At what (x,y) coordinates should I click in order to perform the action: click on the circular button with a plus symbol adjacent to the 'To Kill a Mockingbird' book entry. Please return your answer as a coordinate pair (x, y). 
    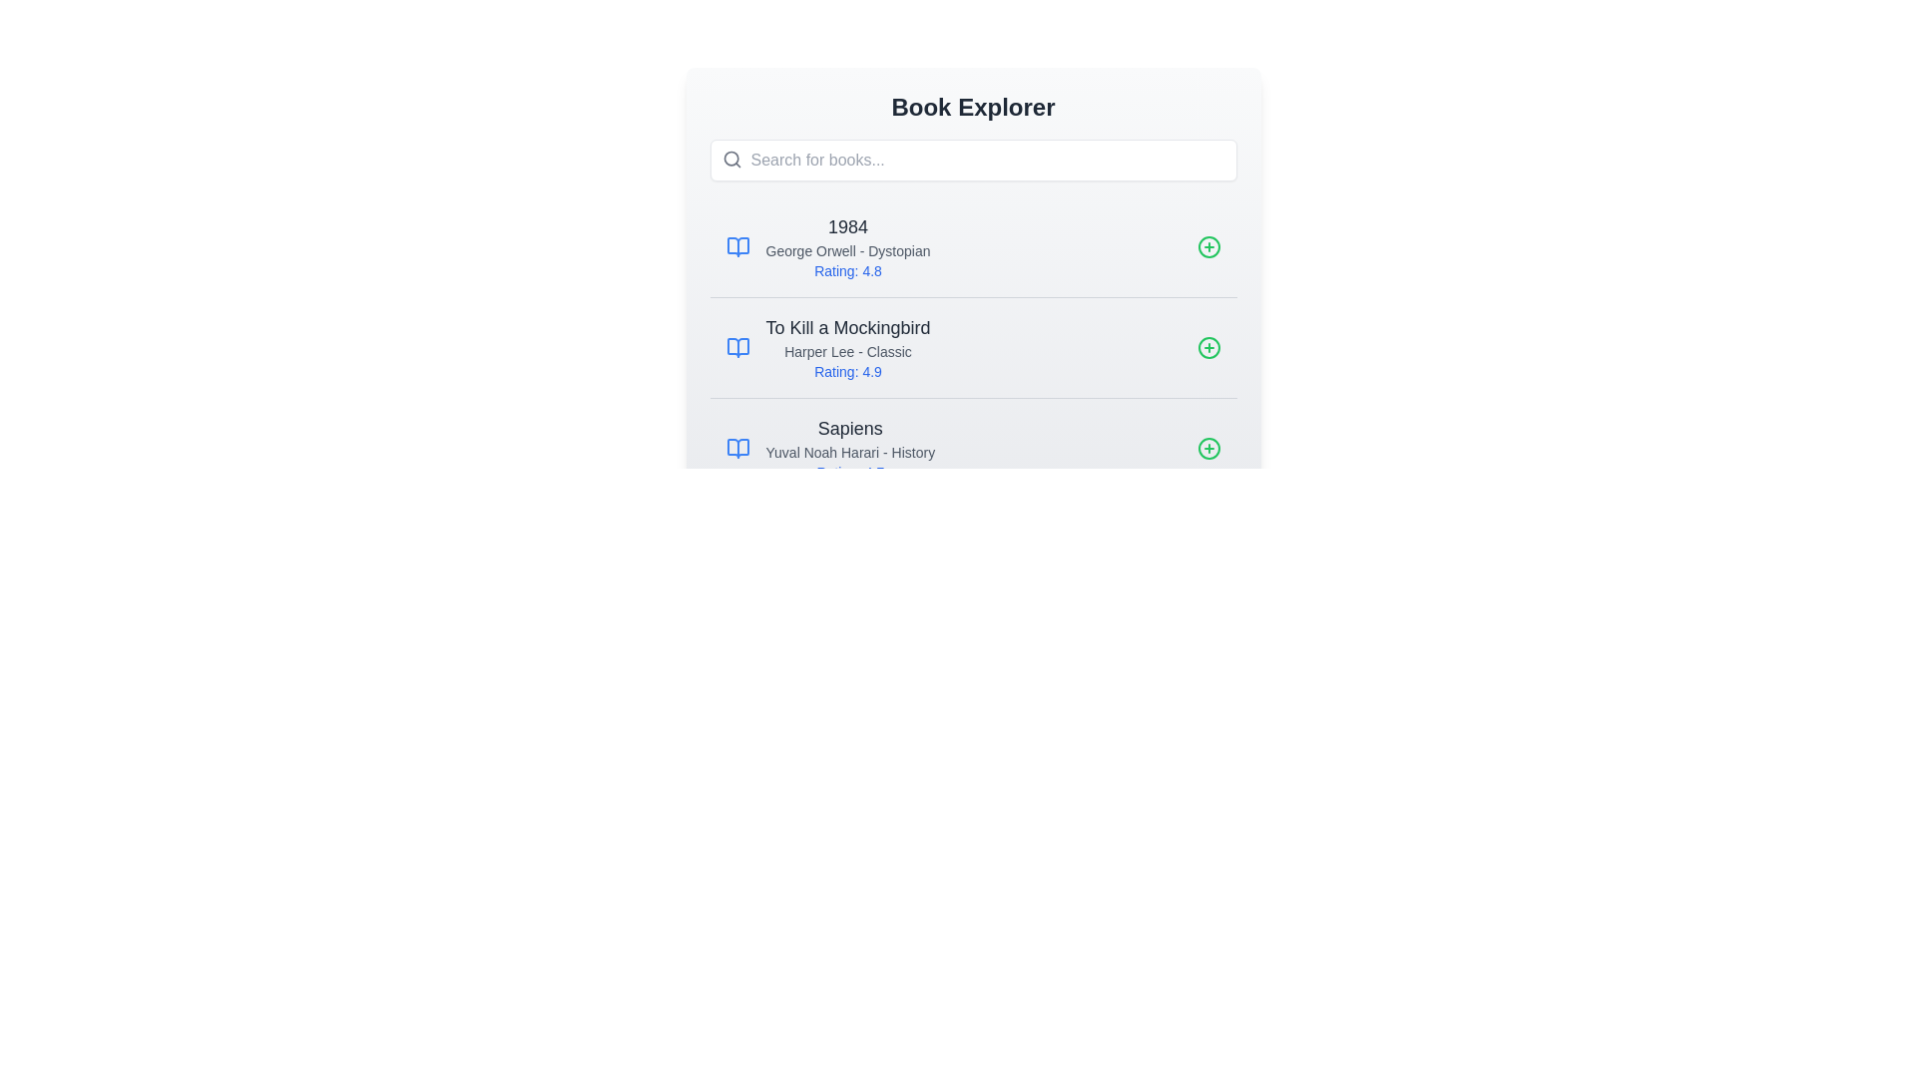
    Looking at the image, I should click on (1207, 346).